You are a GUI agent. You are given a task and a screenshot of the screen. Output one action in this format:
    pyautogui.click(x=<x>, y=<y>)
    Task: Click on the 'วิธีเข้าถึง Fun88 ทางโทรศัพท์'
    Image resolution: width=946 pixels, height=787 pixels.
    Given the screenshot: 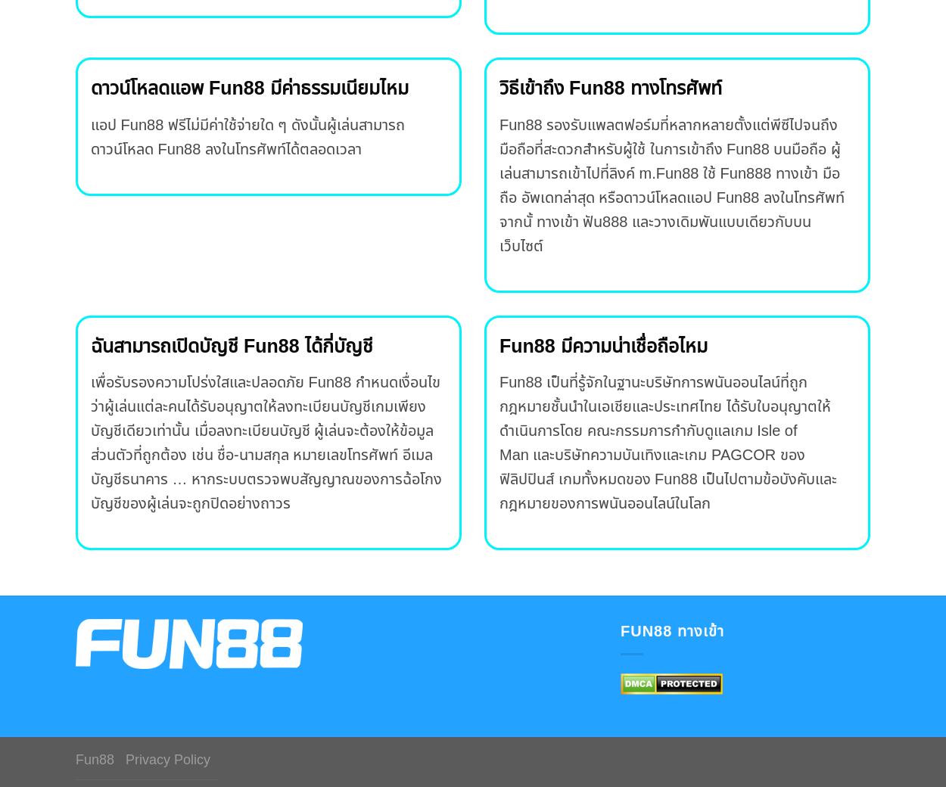 What is the action you would take?
    pyautogui.click(x=499, y=86)
    